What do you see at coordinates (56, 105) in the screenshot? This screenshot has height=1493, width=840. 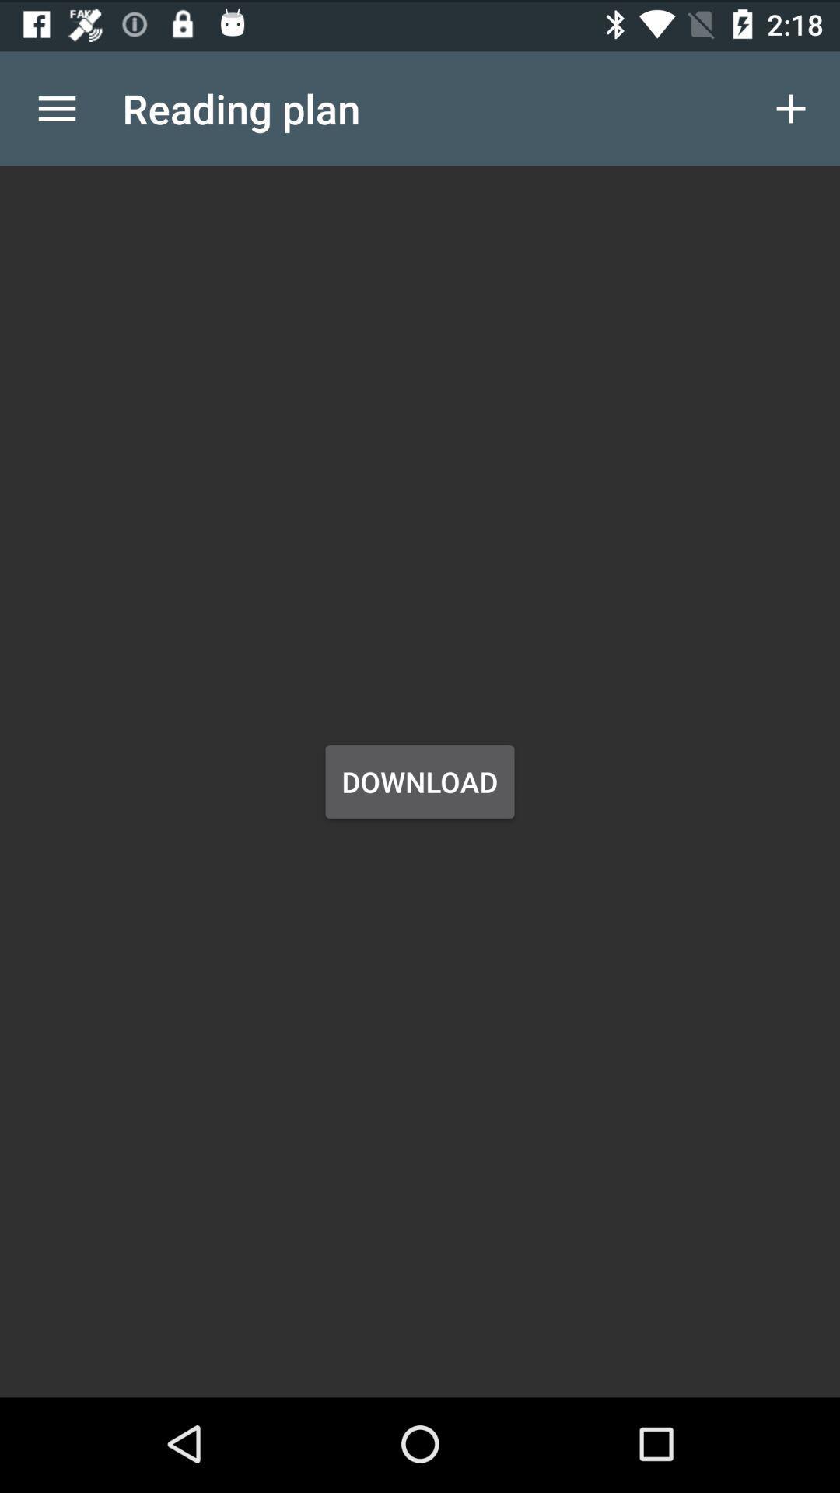 I see `app to the left of the reading plan item` at bounding box center [56, 105].